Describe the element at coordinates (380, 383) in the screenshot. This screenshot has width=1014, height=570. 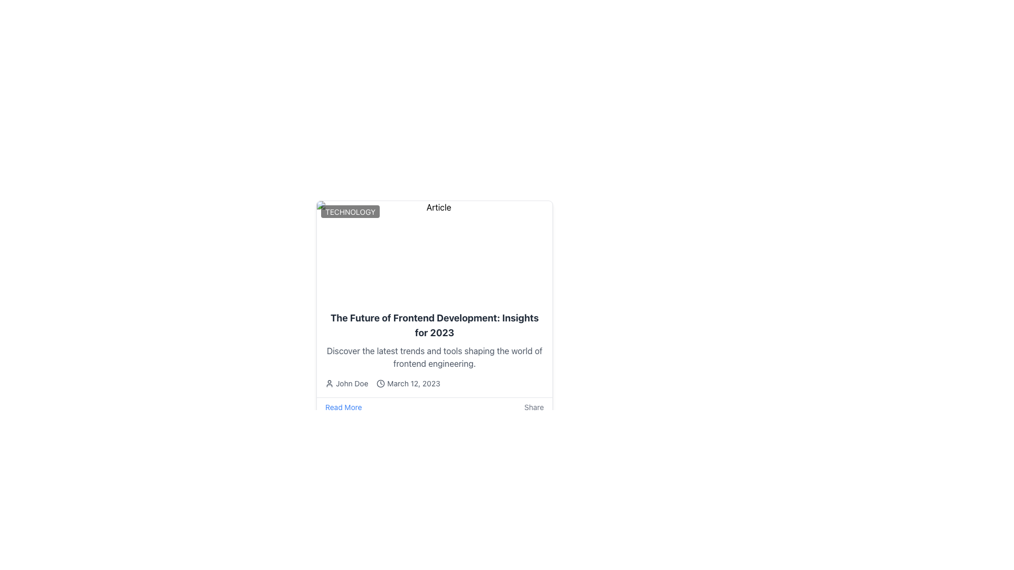
I see `the circular graphical decoration element in the SVG, which serves as a background or decorative component in an icon representing time or a clock` at that location.